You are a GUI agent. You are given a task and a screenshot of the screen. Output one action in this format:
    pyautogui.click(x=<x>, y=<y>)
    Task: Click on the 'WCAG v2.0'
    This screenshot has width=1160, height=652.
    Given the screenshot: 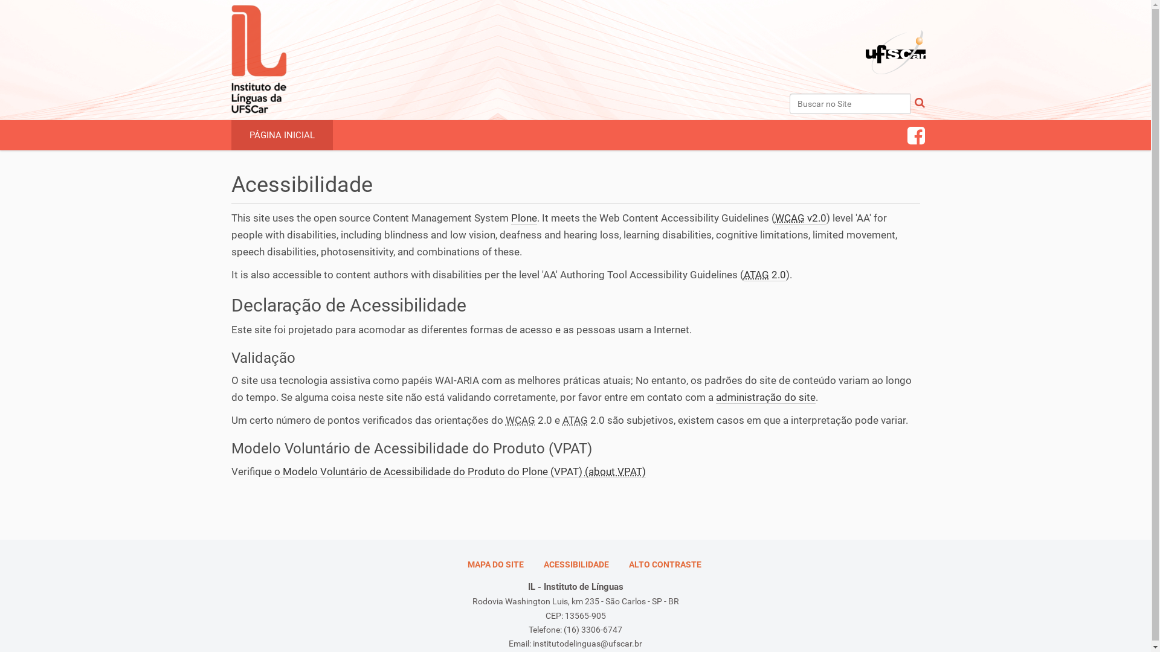 What is the action you would take?
    pyautogui.click(x=800, y=218)
    